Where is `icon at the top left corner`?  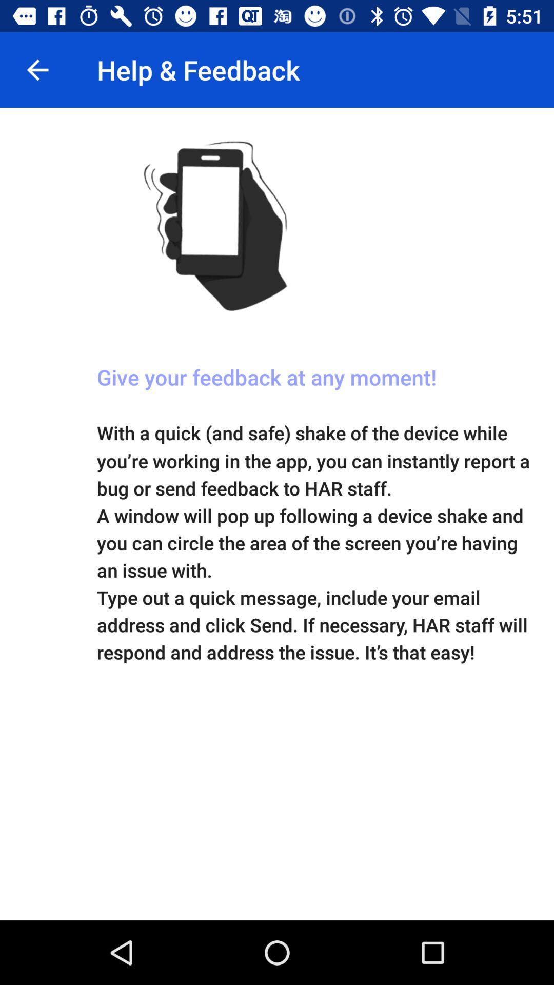 icon at the top left corner is located at coordinates (37, 69).